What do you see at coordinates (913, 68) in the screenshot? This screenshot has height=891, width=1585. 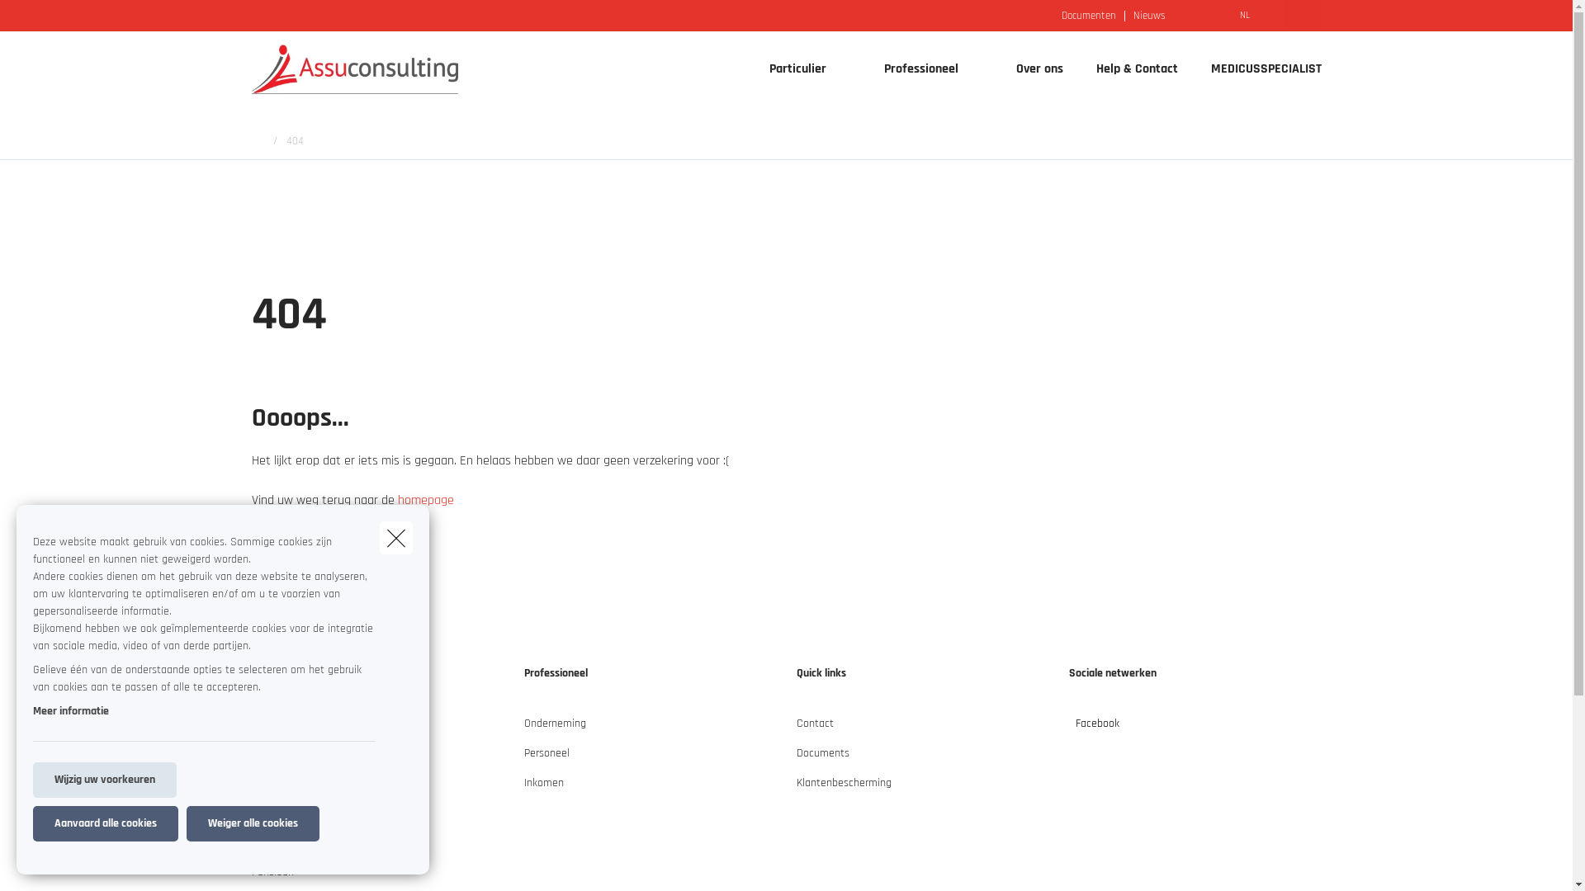 I see `'Professioneel'` at bounding box center [913, 68].